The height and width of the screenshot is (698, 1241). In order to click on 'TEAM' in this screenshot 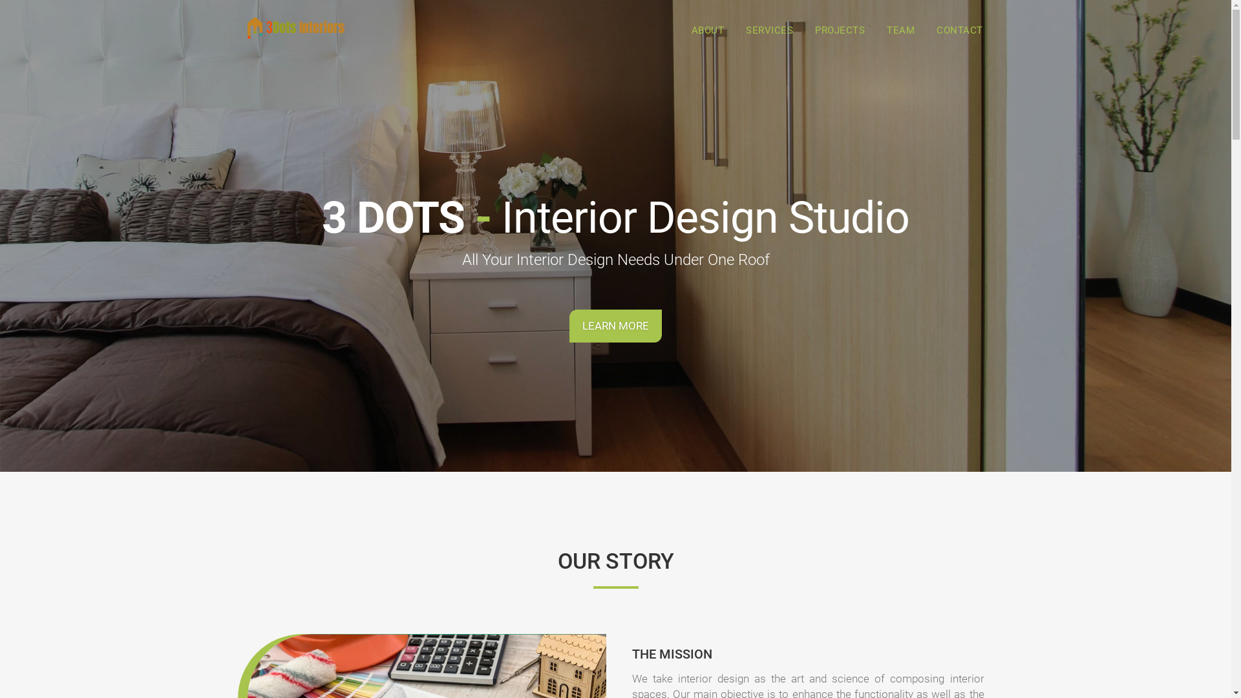, I will do `click(884, 29)`.